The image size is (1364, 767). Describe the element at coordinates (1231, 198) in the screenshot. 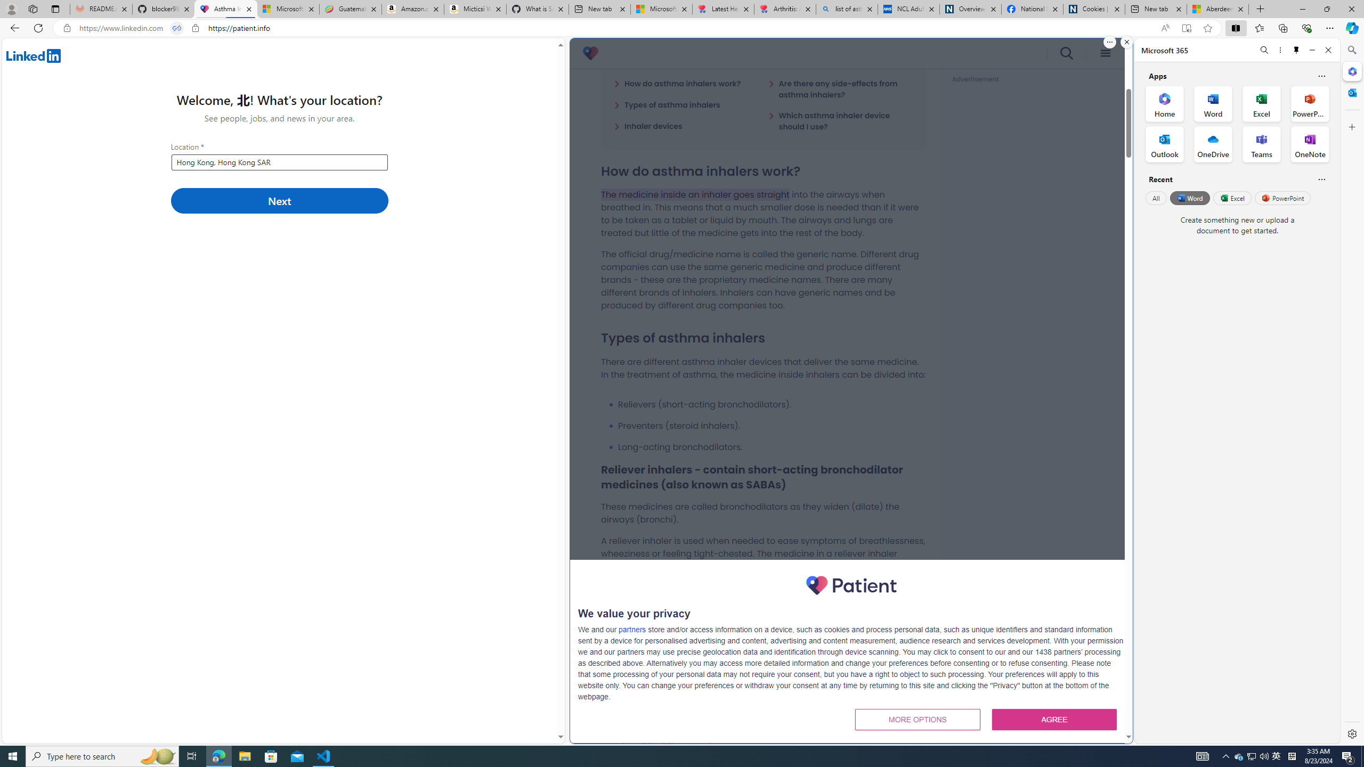

I see `'Excel'` at that location.